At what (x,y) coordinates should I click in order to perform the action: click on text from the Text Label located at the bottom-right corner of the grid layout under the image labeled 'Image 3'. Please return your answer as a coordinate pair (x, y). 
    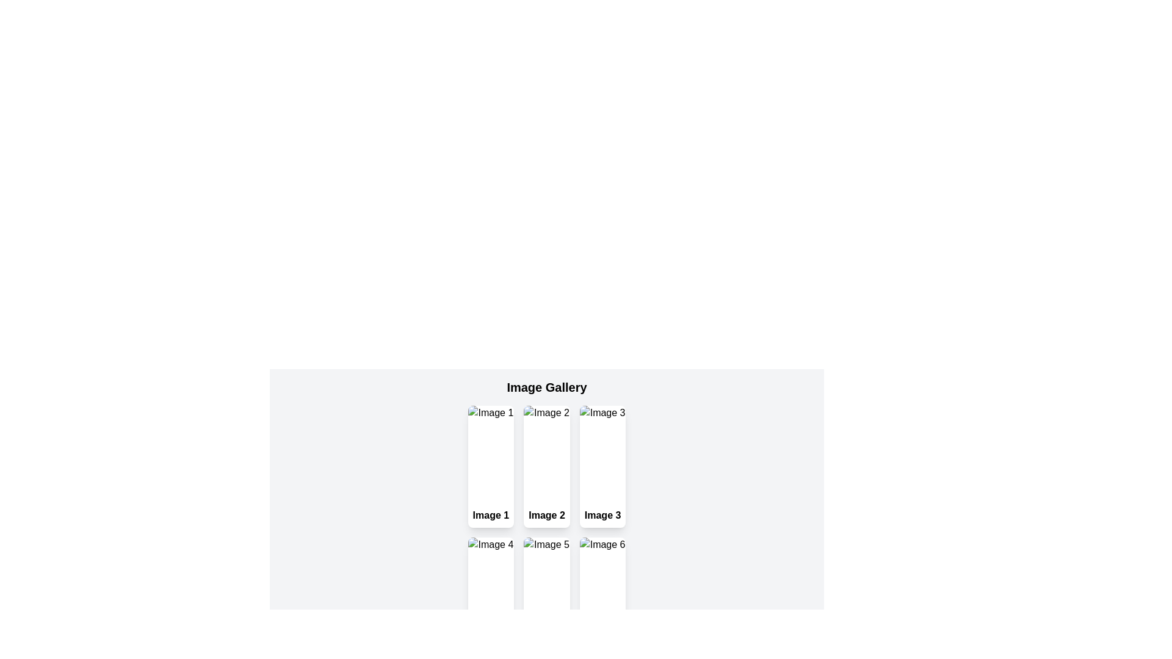
    Looking at the image, I should click on (602, 515).